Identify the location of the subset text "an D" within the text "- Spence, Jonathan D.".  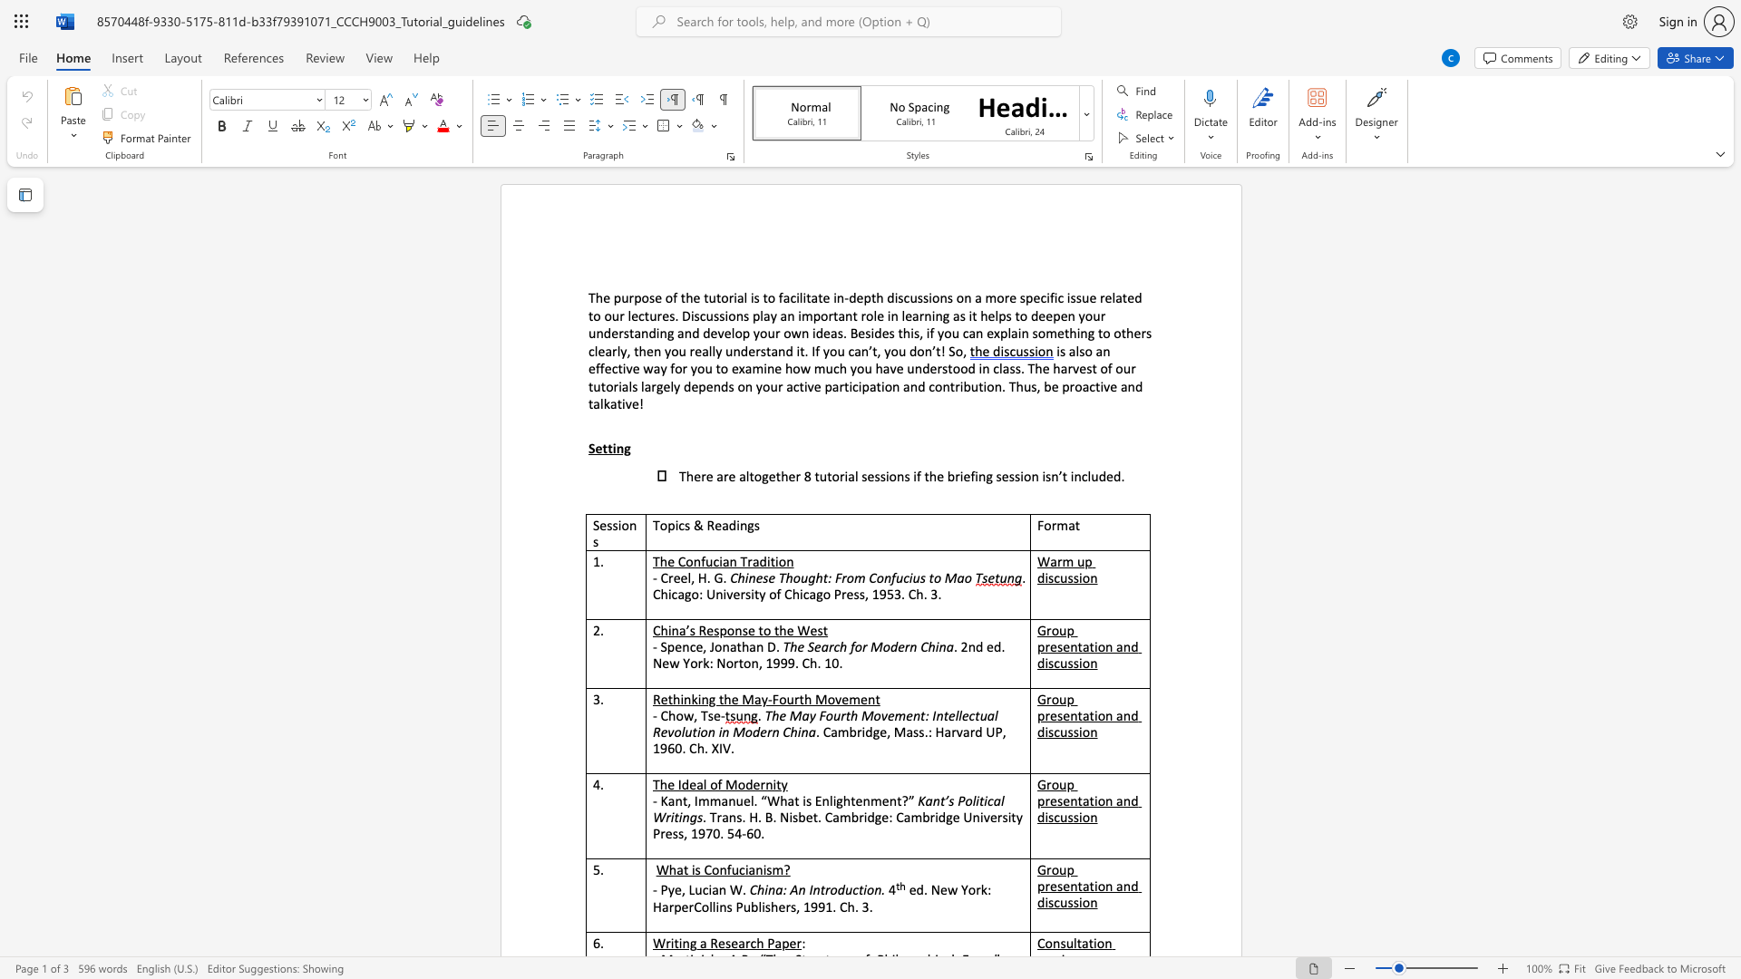
(749, 645).